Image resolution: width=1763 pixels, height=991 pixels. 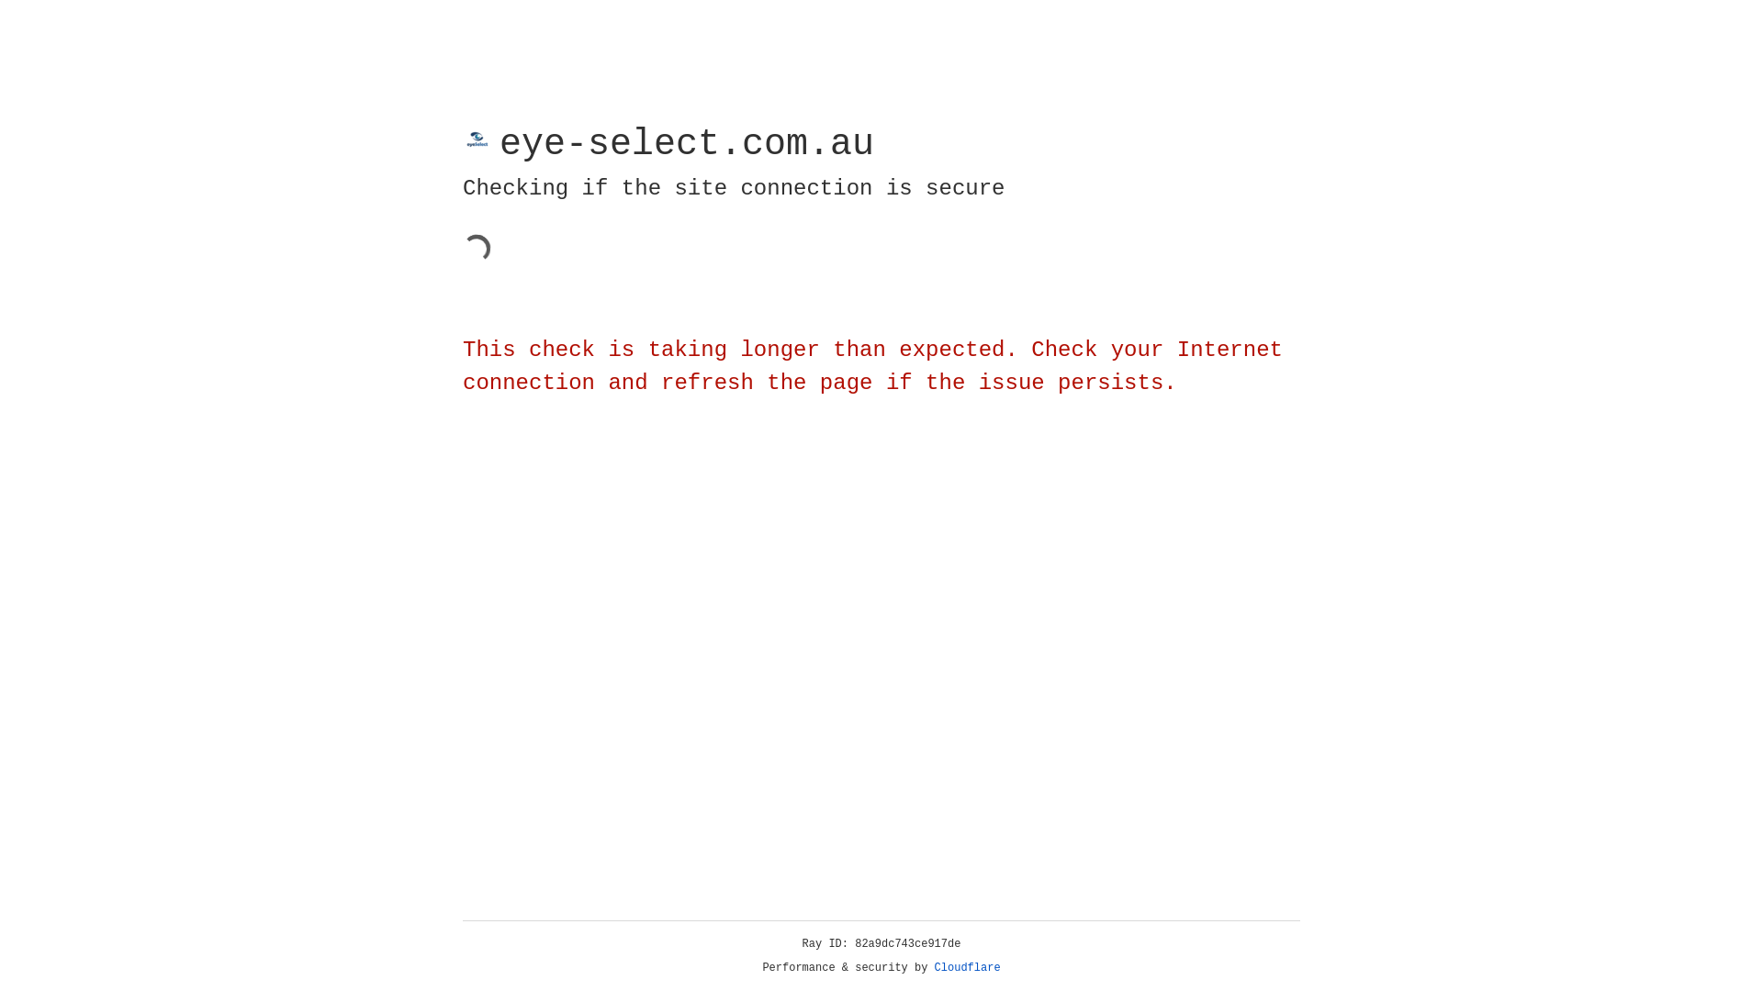 I want to click on 'Cloudflare', so click(x=967, y=967).